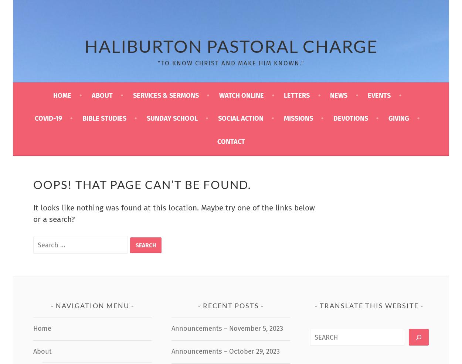  I want to click on 'Translate this website', so click(369, 305).